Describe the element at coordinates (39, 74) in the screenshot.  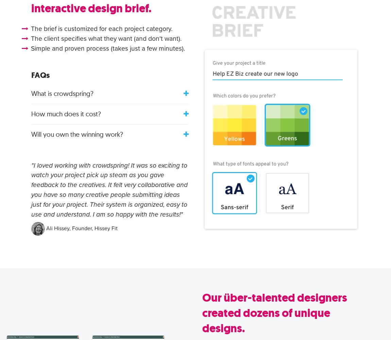
I see `'FAQs'` at that location.